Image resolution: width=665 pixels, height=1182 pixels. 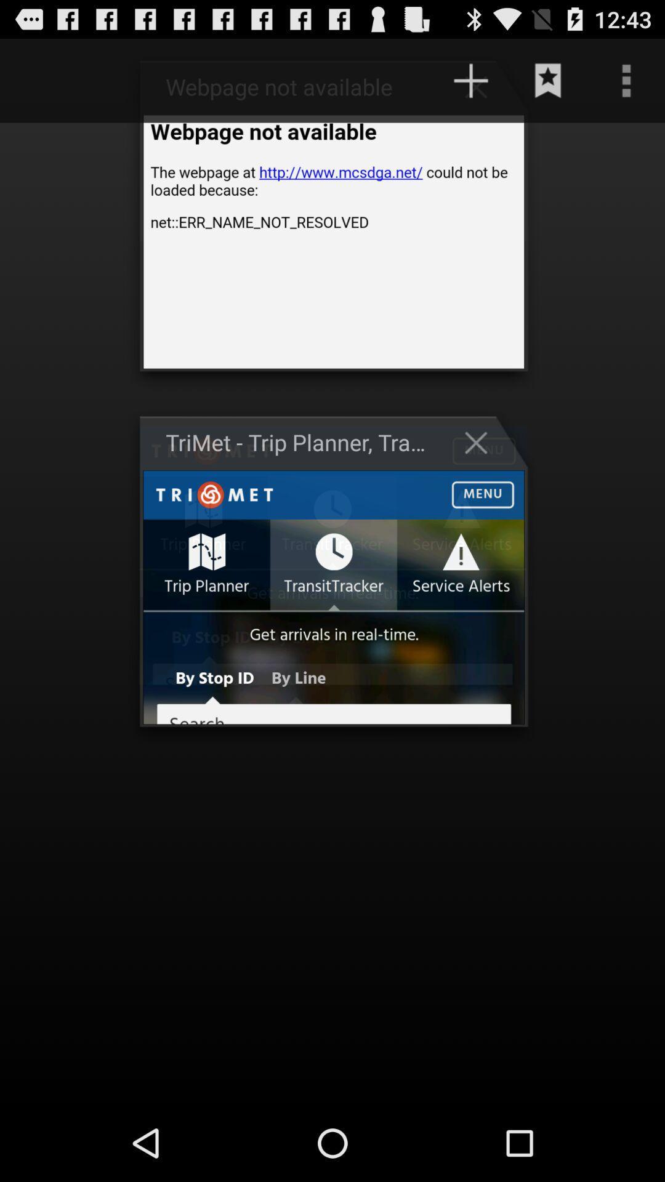 I want to click on the add icon, so click(x=482, y=92).